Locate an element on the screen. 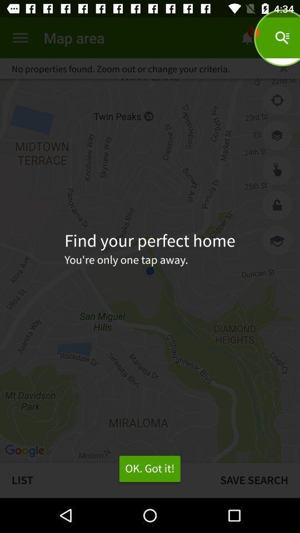 This screenshot has height=533, width=300. current location is located at coordinates (277, 100).